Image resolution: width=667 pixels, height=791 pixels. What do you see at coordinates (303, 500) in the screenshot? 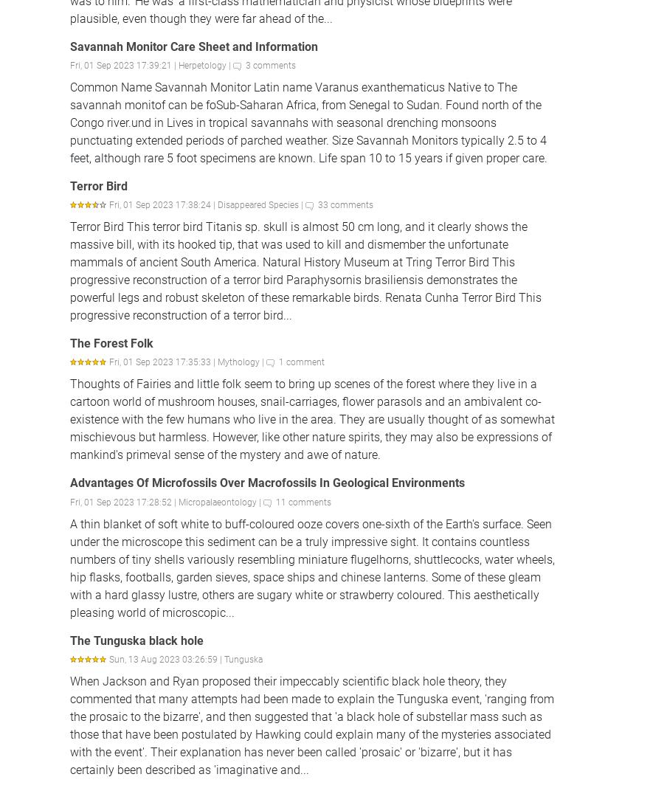
I see `'11 comments'` at bounding box center [303, 500].